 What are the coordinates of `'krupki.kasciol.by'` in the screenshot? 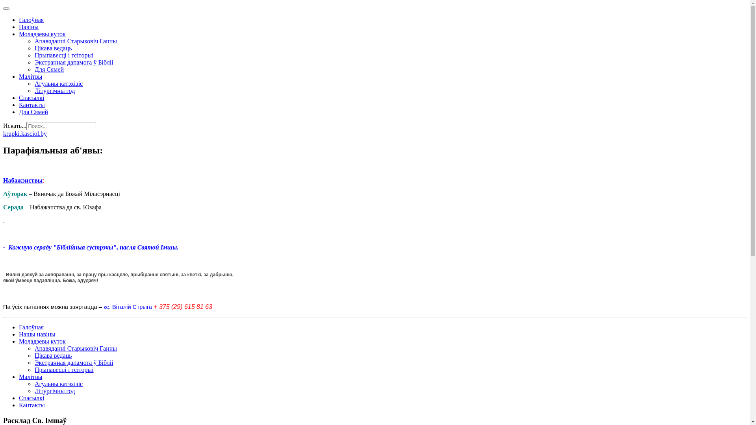 It's located at (3, 133).